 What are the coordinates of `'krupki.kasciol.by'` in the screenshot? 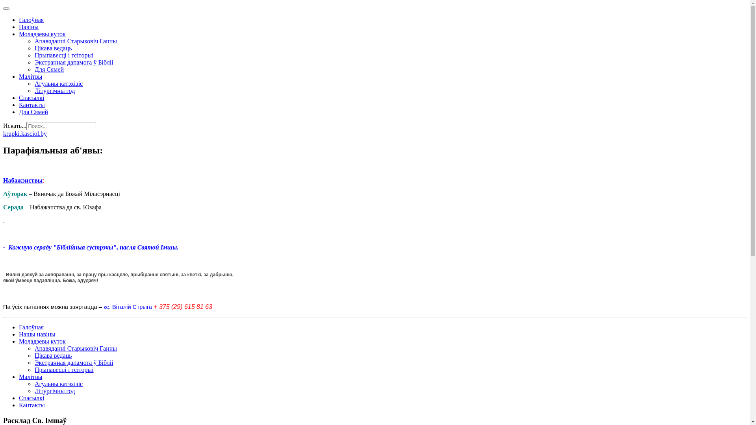 It's located at (3, 133).